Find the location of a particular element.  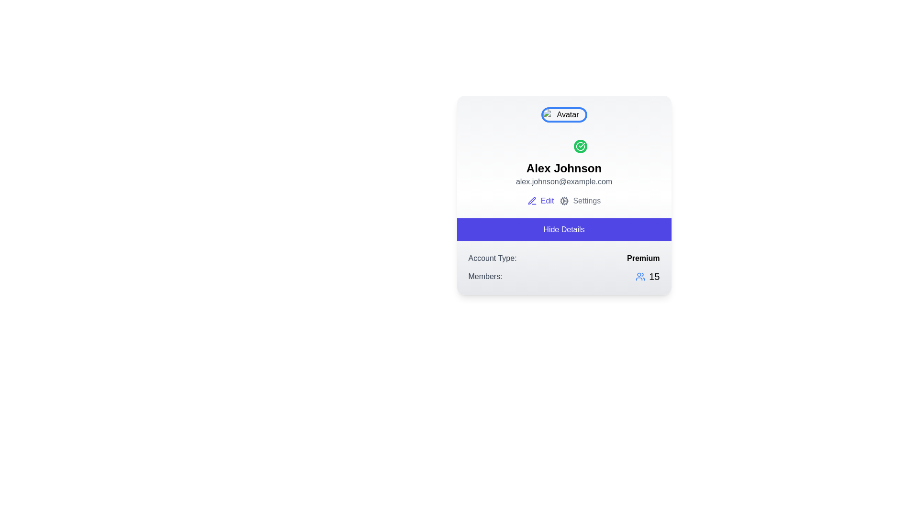

the Information display area that shows account-related information, positioned at the bottom of the card layout, directly below the 'Hide Details' button is located at coordinates (564, 268).